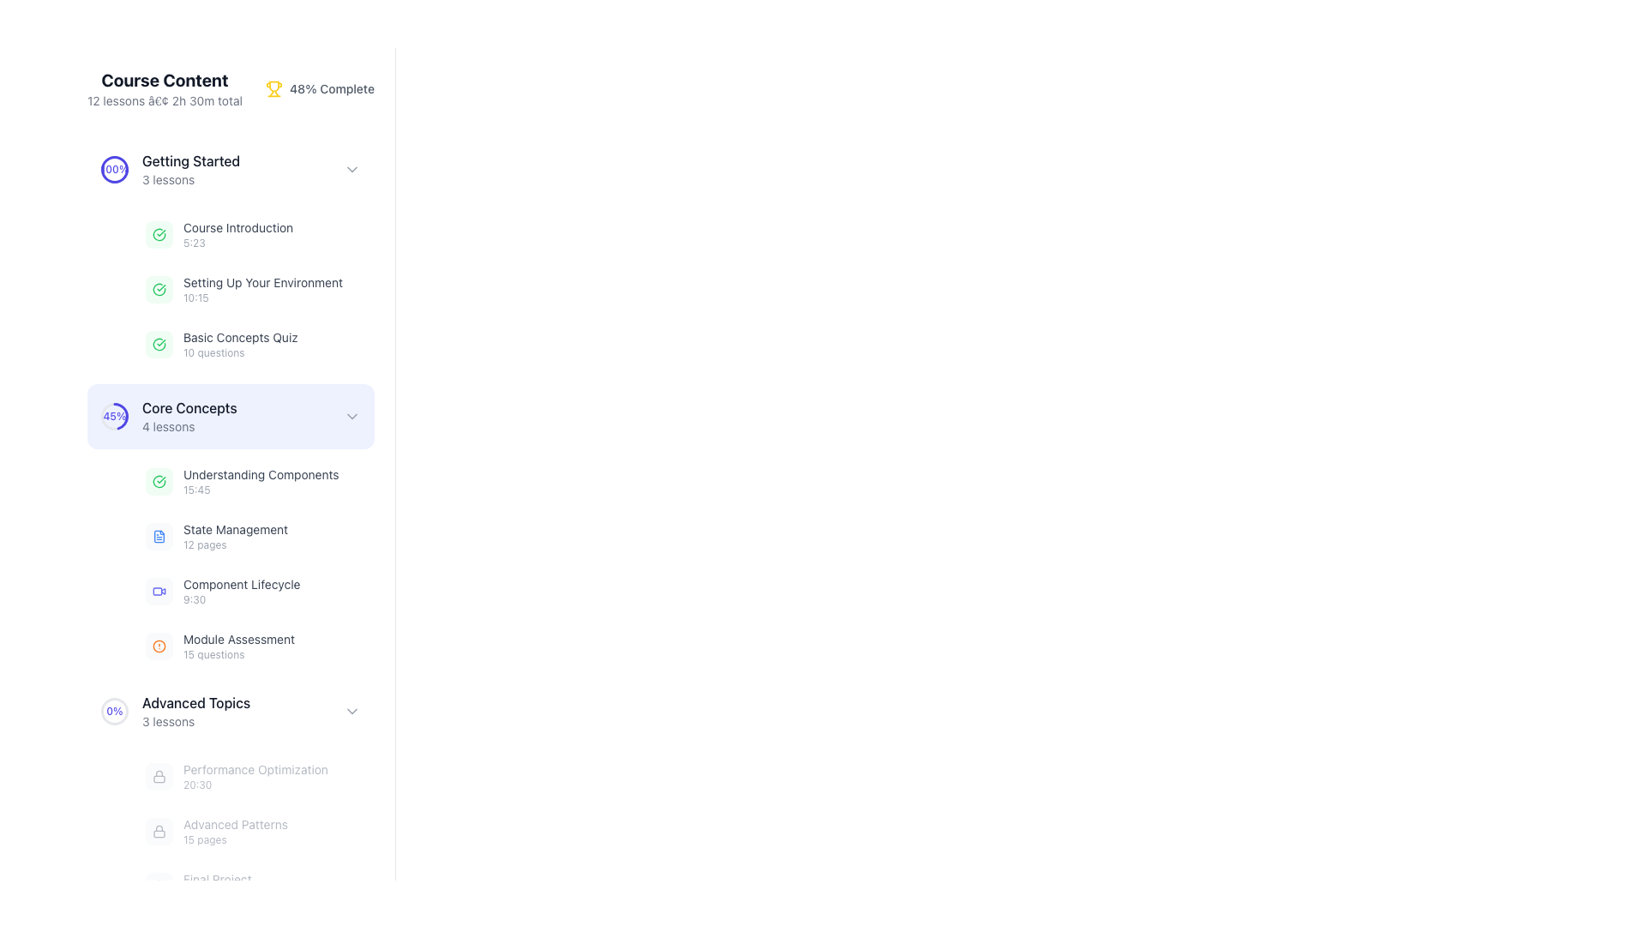 The image size is (1646, 926). Describe the element at coordinates (241, 482) in the screenshot. I see `the List item containing the text 'Understanding Components' with a green checkmark icon in the 'Core Concepts' section of the sidebar menu` at that location.